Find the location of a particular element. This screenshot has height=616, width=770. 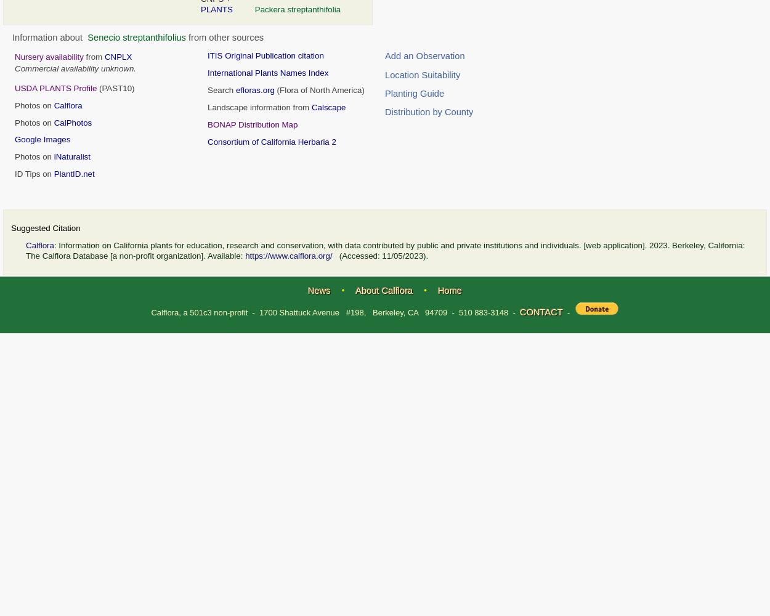

'https://www.calflora.org/' is located at coordinates (288, 256).